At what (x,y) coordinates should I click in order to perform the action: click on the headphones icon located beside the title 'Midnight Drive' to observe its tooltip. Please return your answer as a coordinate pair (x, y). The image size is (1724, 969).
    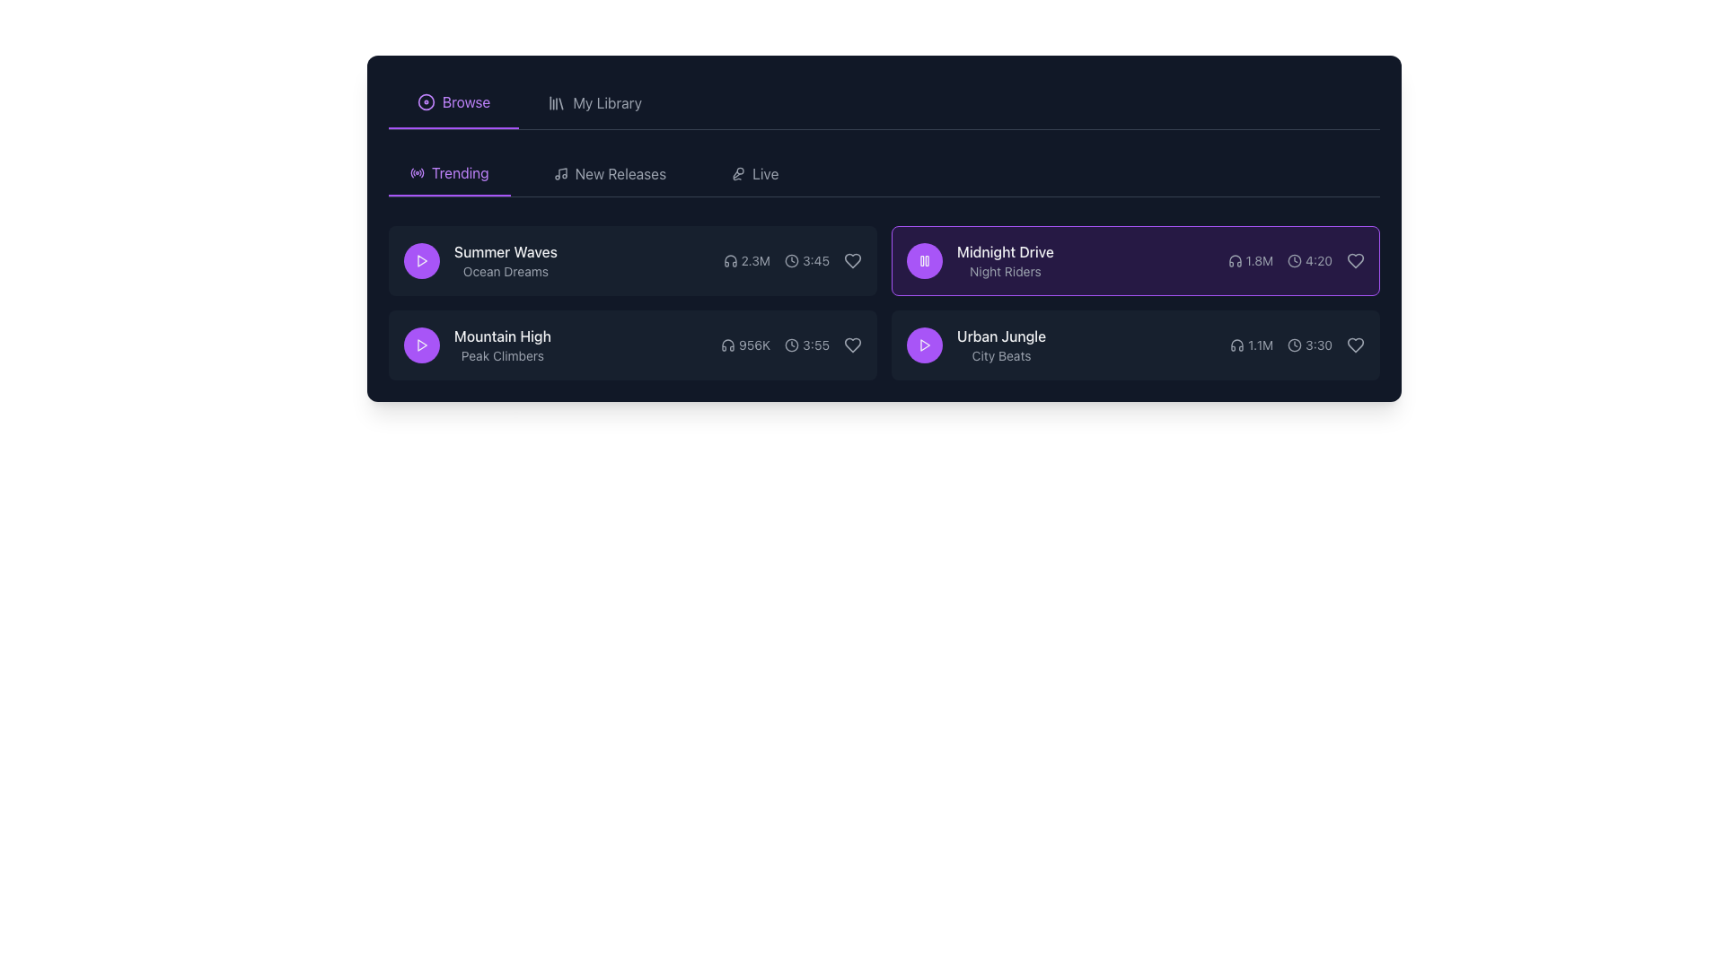
    Looking at the image, I should click on (1234, 260).